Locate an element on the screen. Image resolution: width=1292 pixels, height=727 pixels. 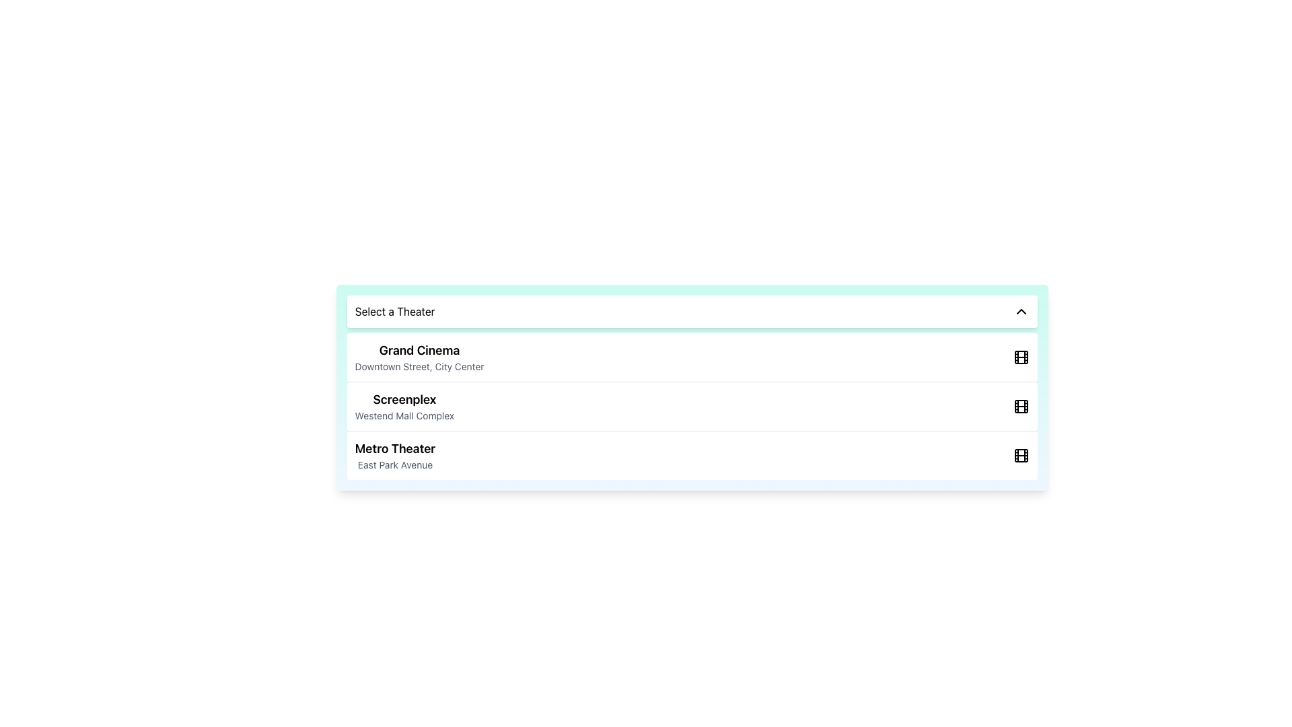
the third list item labeled 'Metro Theater' is located at coordinates (394, 455).